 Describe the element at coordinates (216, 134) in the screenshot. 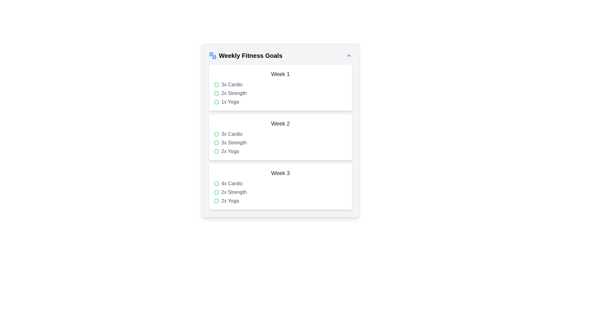

I see `the status of the small green circular icon located in the '3x Cardio' row of the 'Week 2' section in the 'Weekly Fitness Goals' interface` at that location.